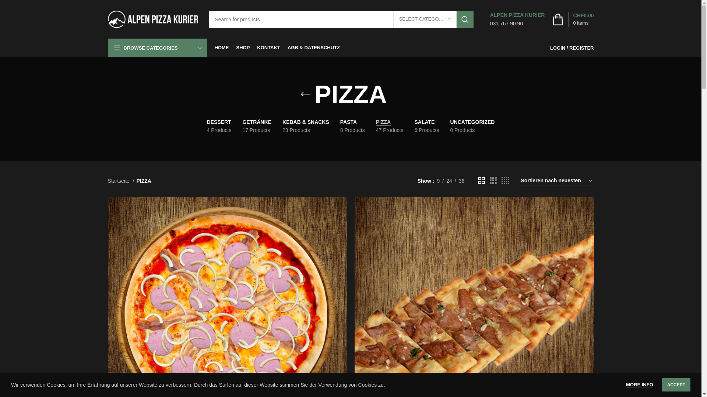 The image size is (707, 397). Describe the element at coordinates (313, 48) in the screenshot. I see `'AGB & DATENSCHUTZ'` at that location.